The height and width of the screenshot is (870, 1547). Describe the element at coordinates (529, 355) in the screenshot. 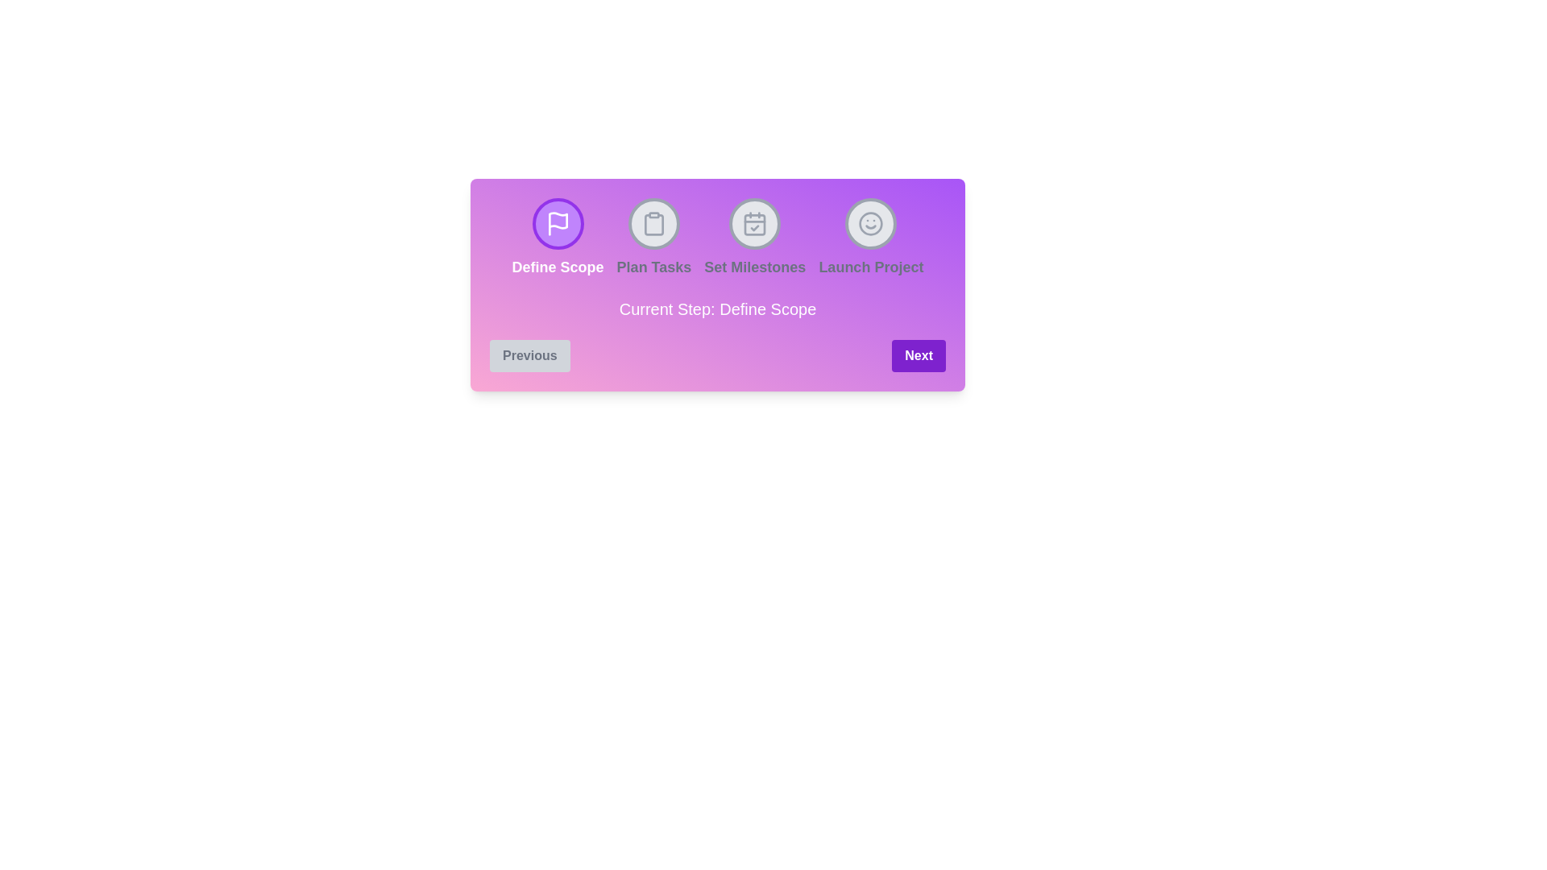

I see `the Previous button to observe its hover effect` at that location.